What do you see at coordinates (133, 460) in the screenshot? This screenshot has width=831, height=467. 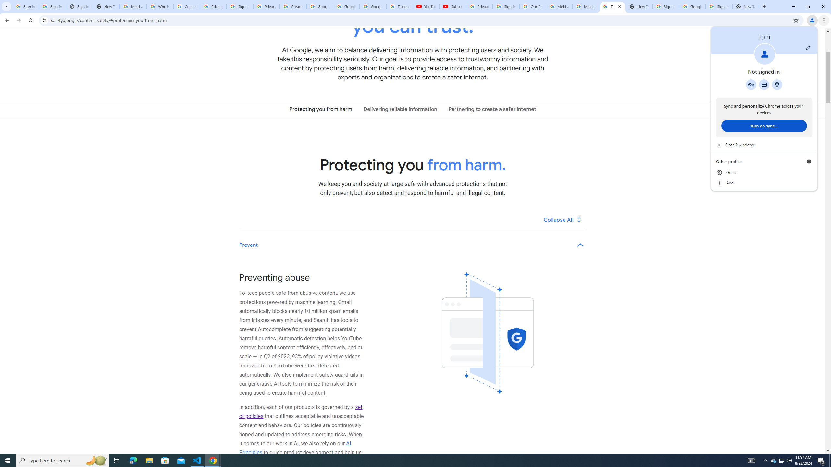 I see `'Microsoft Edge'` at bounding box center [133, 460].